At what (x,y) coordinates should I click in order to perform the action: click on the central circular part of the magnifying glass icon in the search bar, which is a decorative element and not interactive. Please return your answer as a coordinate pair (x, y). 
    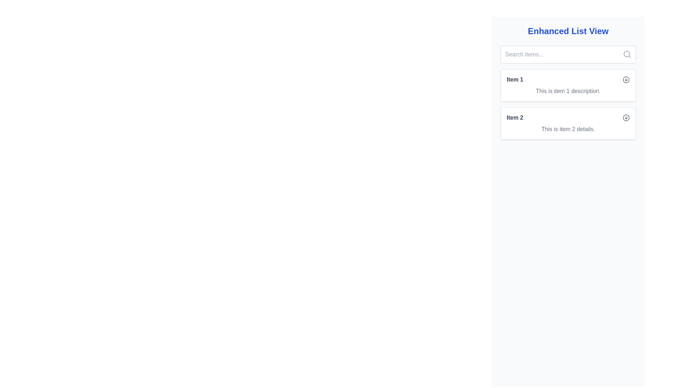
    Looking at the image, I should click on (627, 54).